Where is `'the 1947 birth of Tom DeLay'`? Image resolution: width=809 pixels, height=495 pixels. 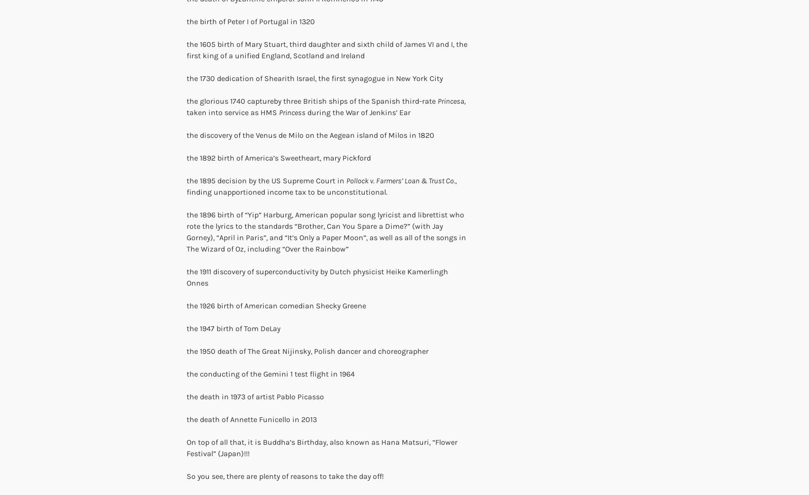 'the 1947 birth of Tom DeLay' is located at coordinates (187, 328).